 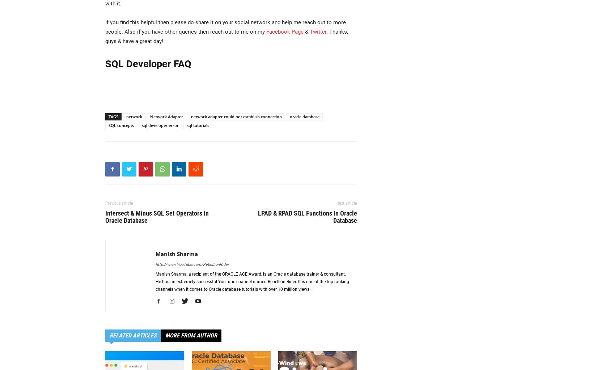 What do you see at coordinates (347, 203) in the screenshot?
I see `'Next article'` at bounding box center [347, 203].